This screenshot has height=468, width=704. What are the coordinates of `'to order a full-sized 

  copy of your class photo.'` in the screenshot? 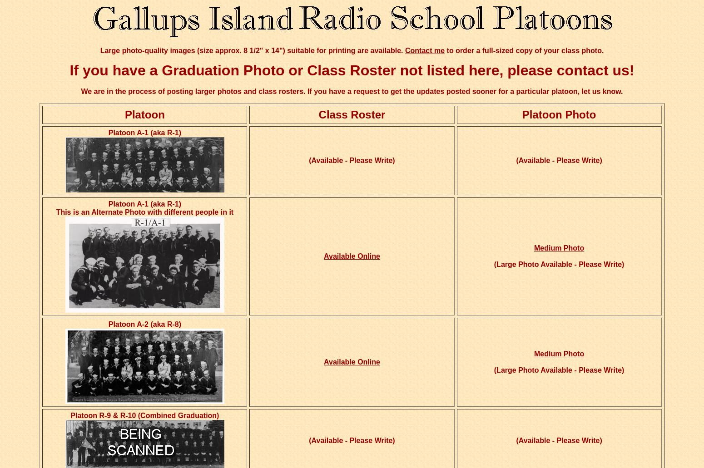 It's located at (523, 50).